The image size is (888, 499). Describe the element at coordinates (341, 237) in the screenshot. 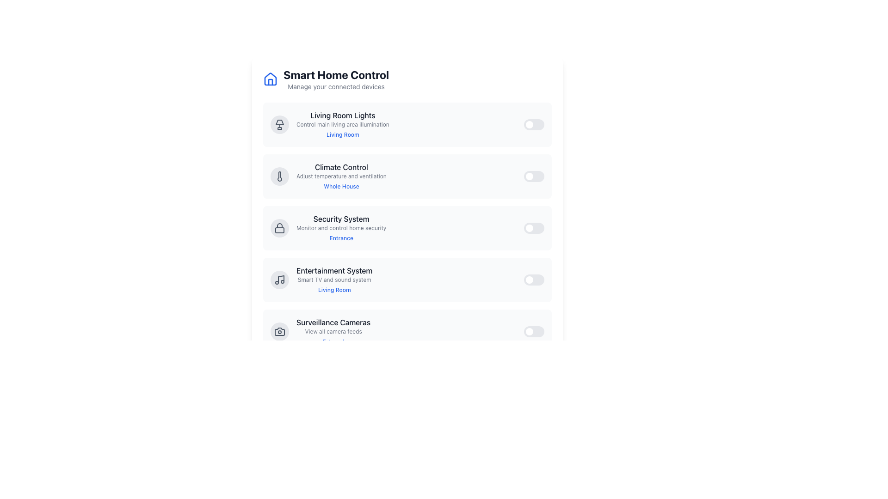

I see `the text label that reads 'Entrance', which is styled with a small font size and medium font weight, colored blue, and is part of the 'Security System' UI section` at that location.